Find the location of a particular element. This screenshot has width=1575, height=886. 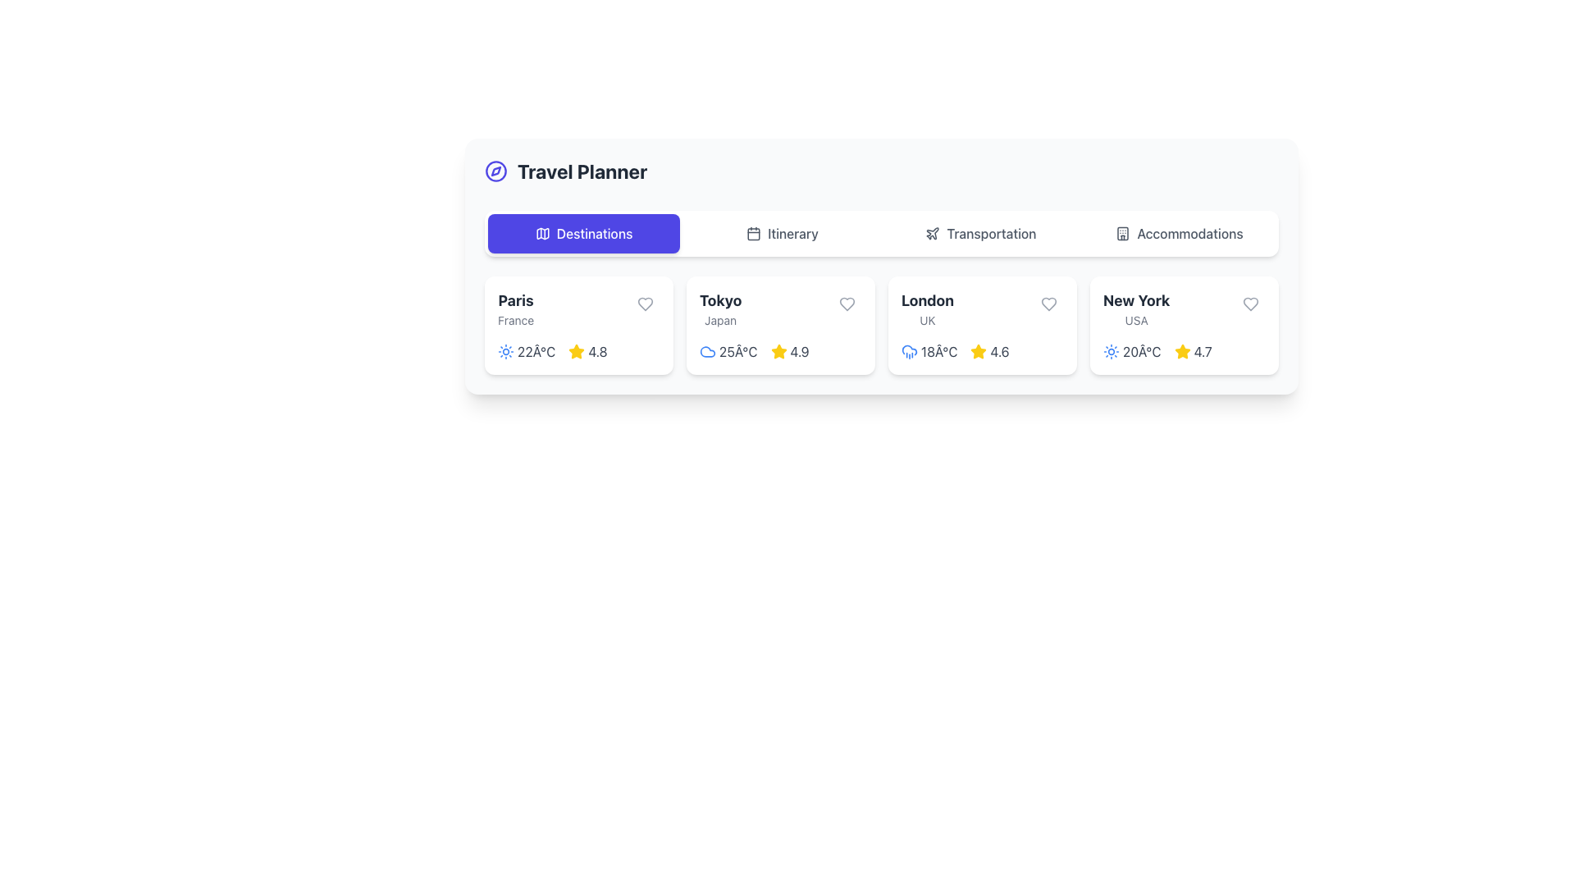

the text label displaying '25°C' in gray, which is positioned between a cloud icon and other rating elements is located at coordinates (737, 350).